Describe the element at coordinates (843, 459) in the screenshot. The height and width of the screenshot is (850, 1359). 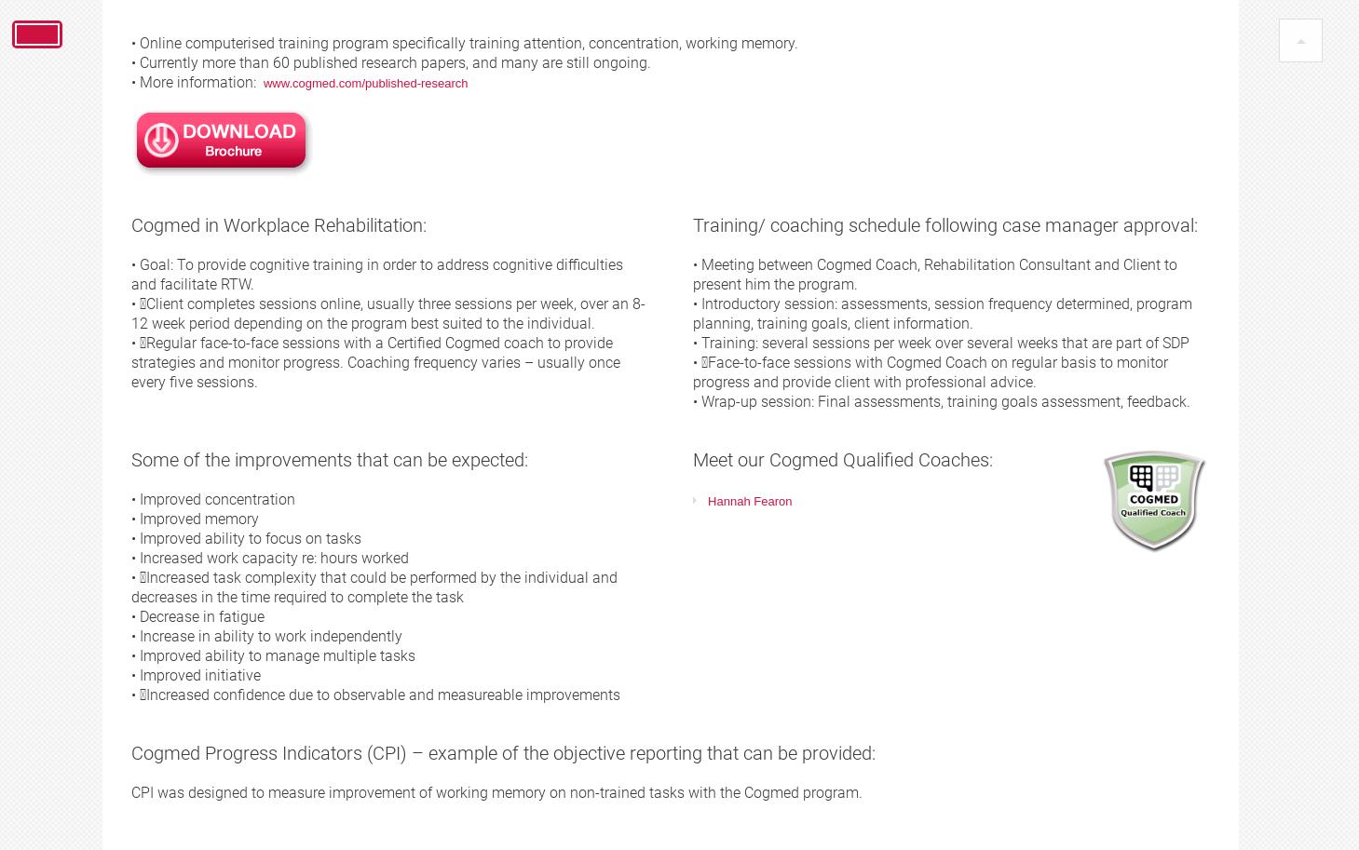
I see `'Meet our Cogmed Qualified Coaches:'` at that location.